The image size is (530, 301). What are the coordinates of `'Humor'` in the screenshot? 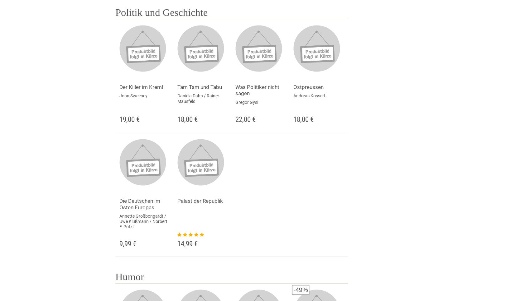 It's located at (129, 276).